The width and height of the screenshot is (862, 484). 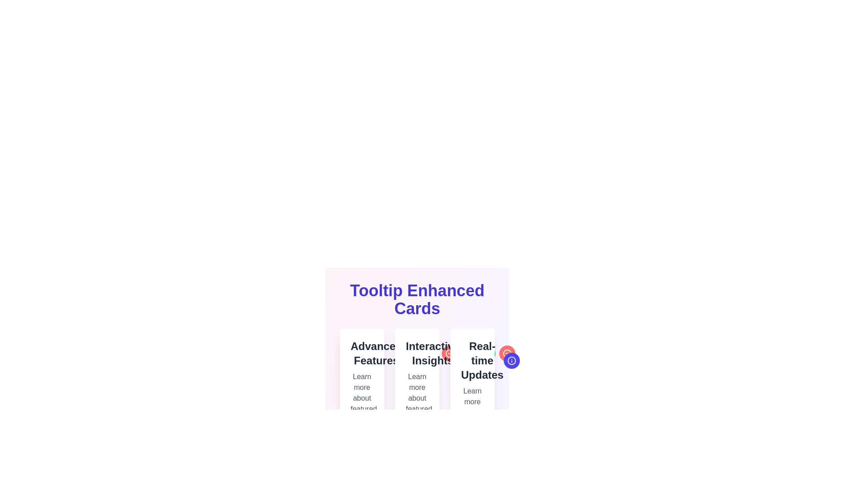 What do you see at coordinates (417, 299) in the screenshot?
I see `the text header labeled 'Tooltip Enhanced Cards,' which is a large, bold, indigo-colored heading positioned centrally at the top of the content area` at bounding box center [417, 299].